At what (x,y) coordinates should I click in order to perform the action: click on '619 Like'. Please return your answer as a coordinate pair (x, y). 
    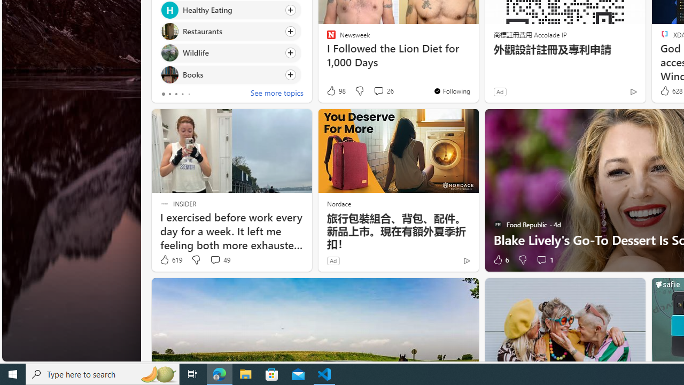
    Looking at the image, I should click on (170, 260).